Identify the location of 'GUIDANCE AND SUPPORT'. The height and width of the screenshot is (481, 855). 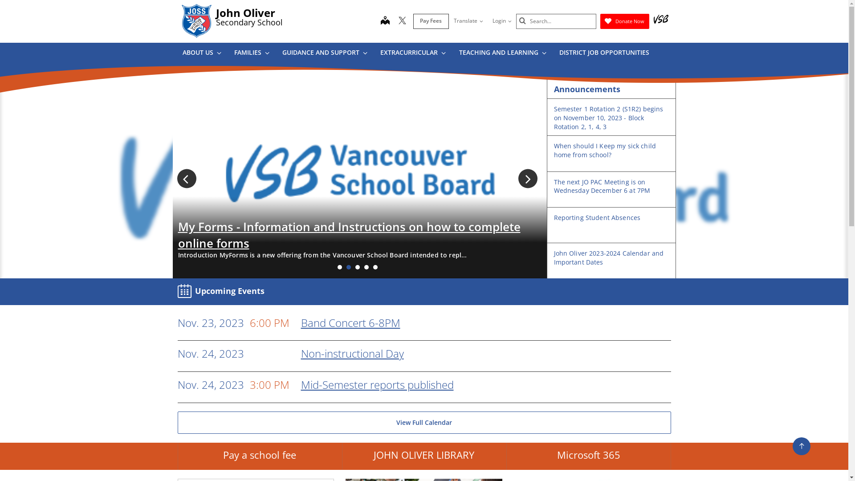
(279, 54).